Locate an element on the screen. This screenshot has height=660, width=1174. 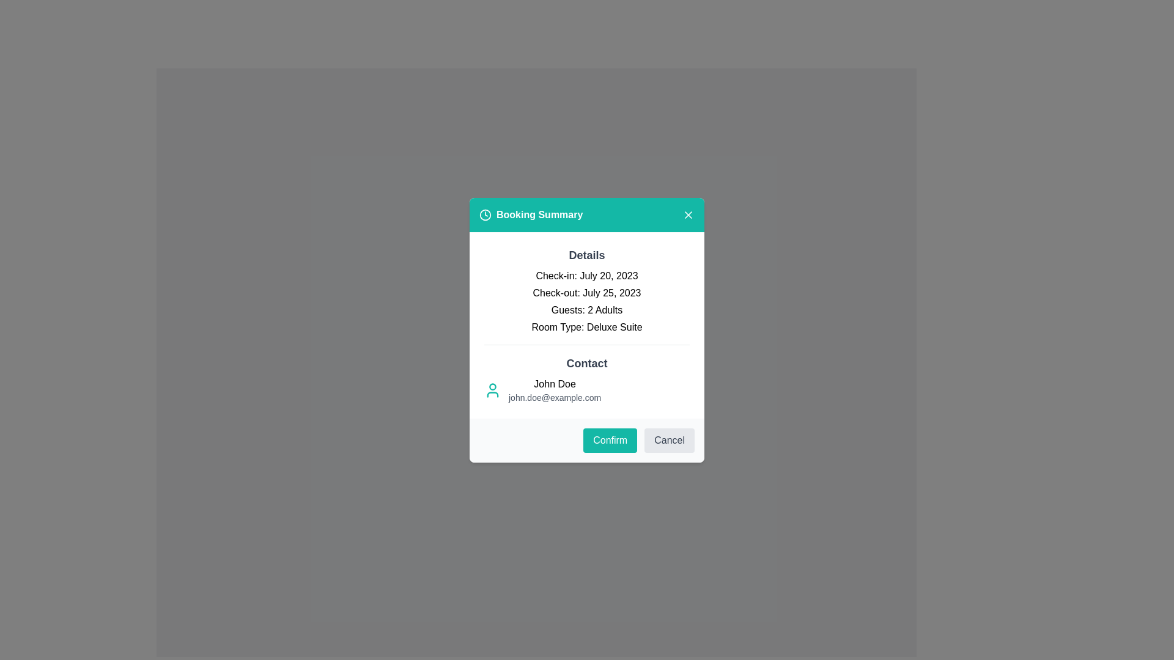
text label 'Contact' which is styled in bold, large font and dark gray color, serving as the title for the contact section within the modal dialog box is located at coordinates (587, 362).